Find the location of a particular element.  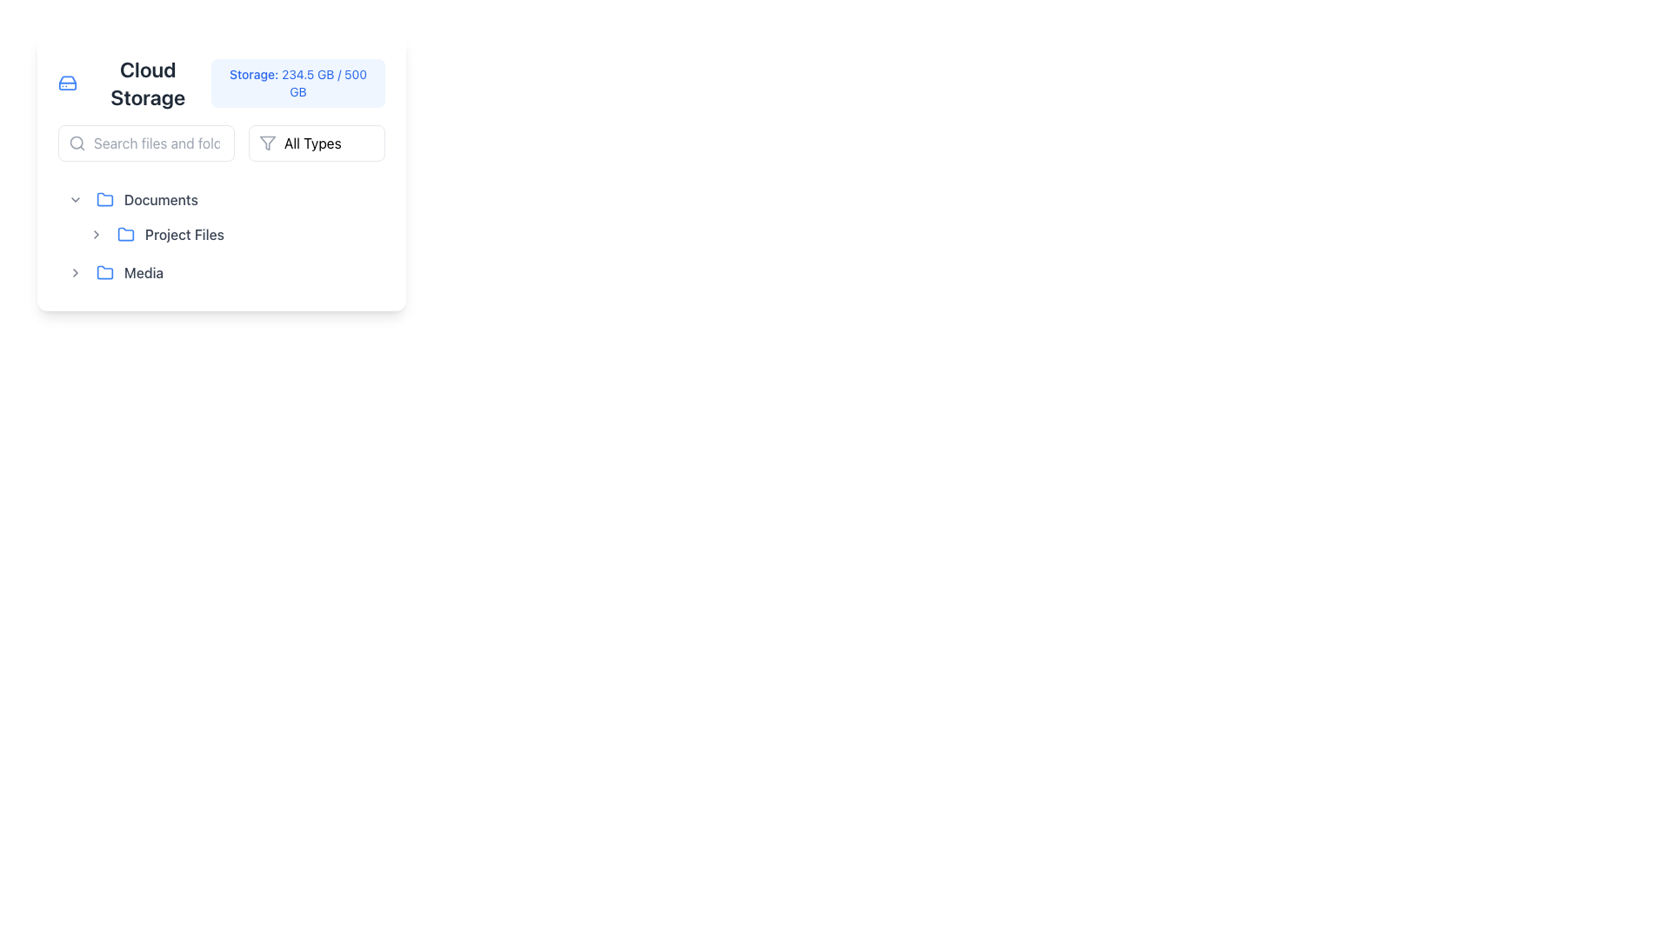

the 'Cloud Storage' header text label located in the top-left corner of the interface, which provides context for the content in this section is located at coordinates (134, 83).